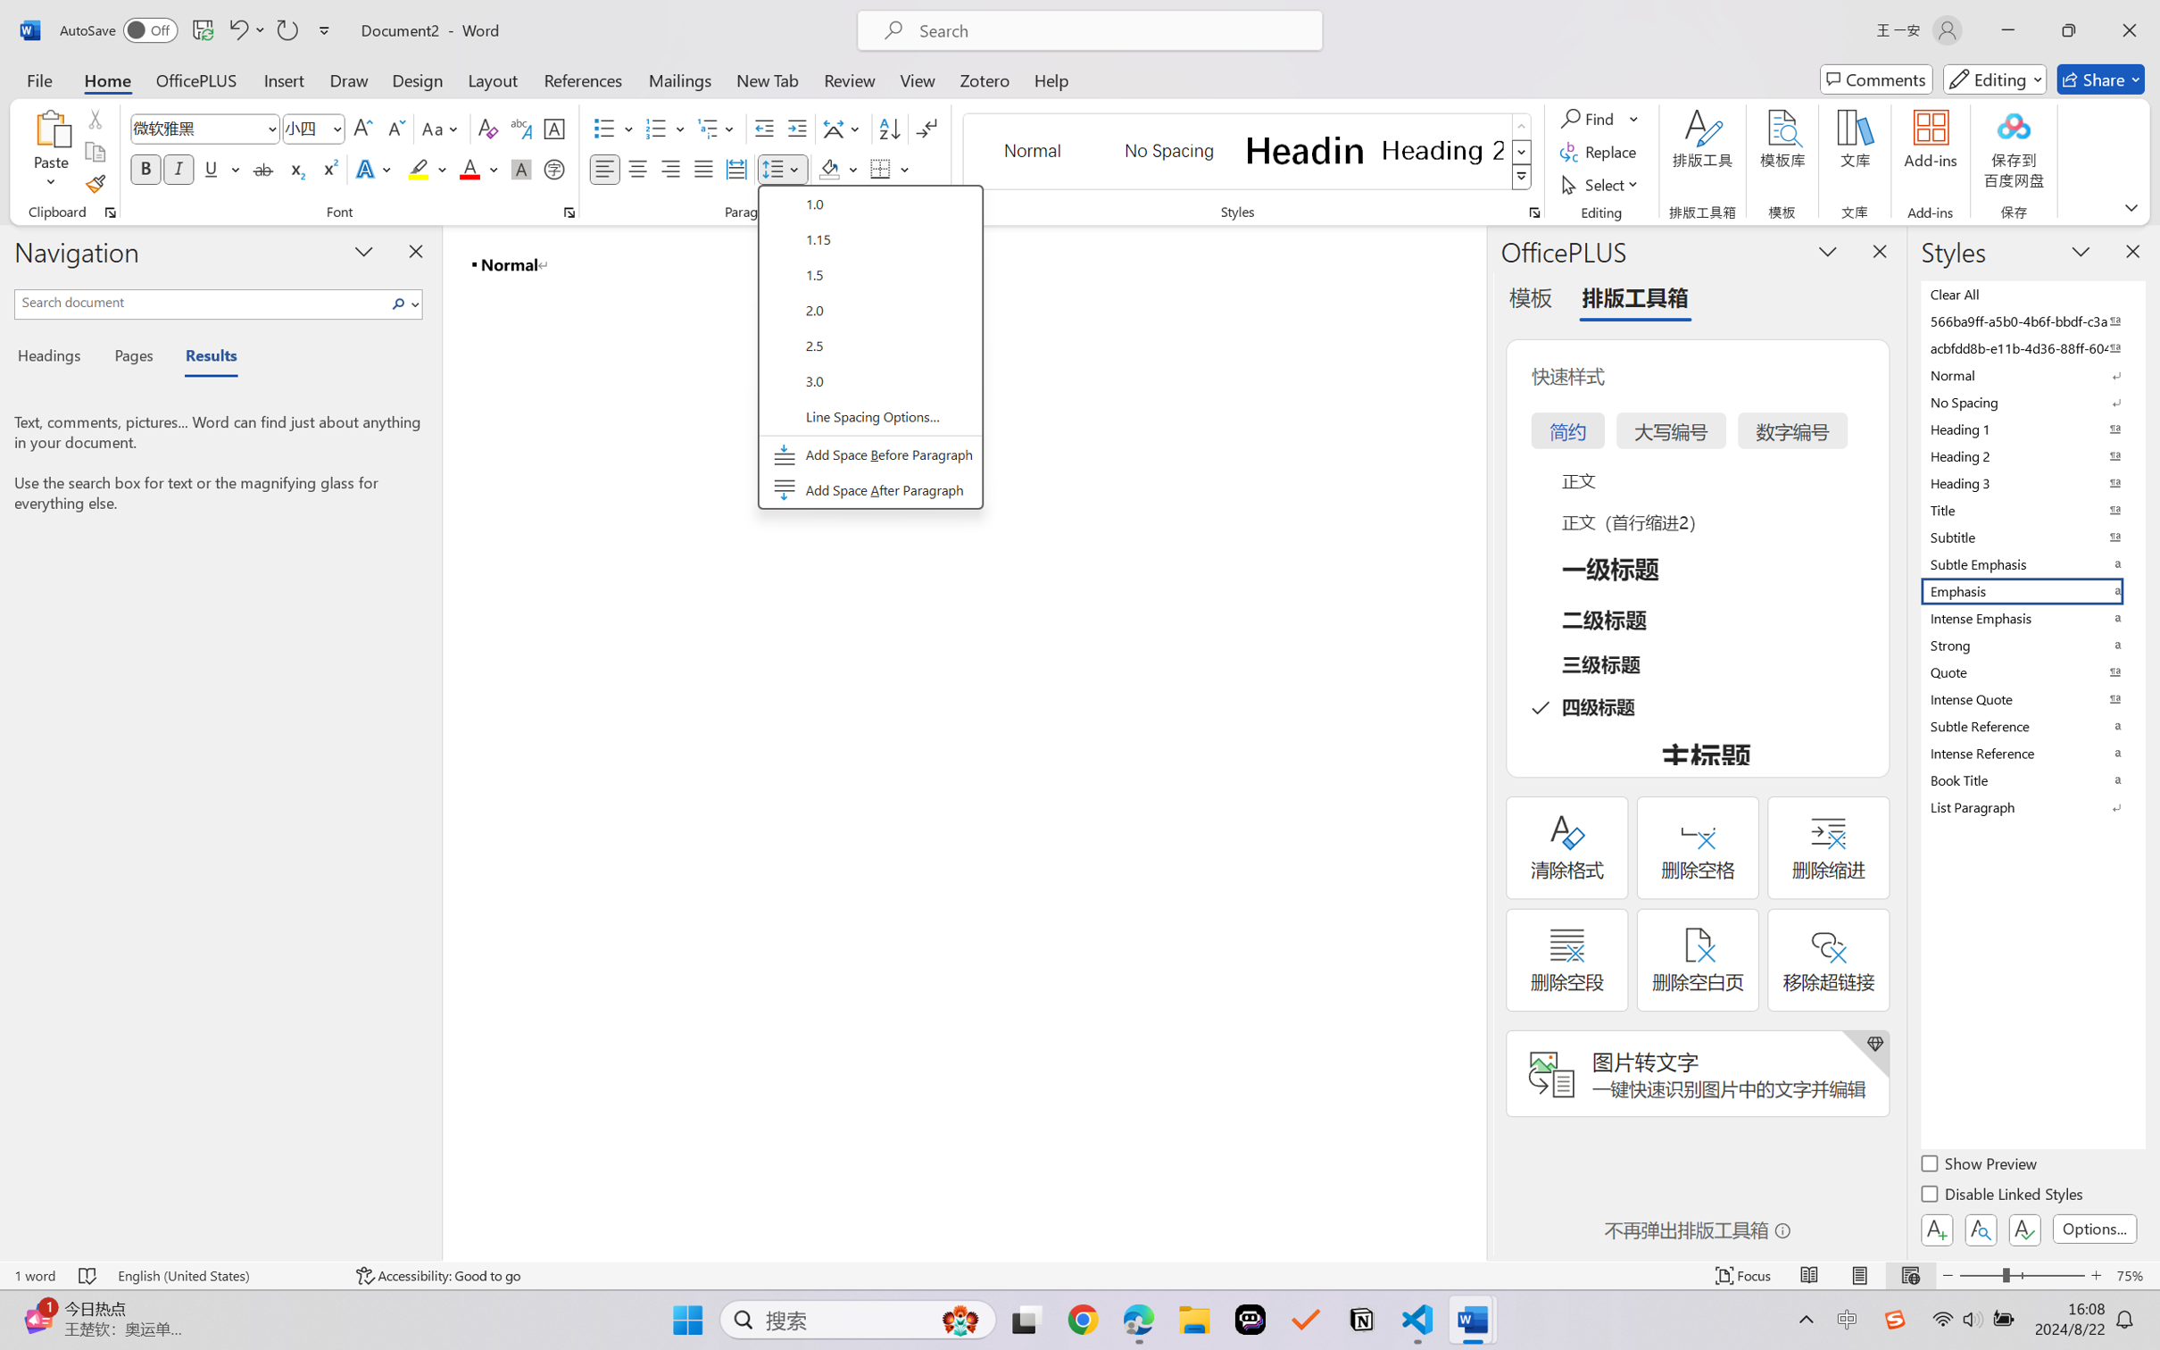 This screenshot has height=1350, width=2160. What do you see at coordinates (735, 168) in the screenshot?
I see `'Distributed'` at bounding box center [735, 168].